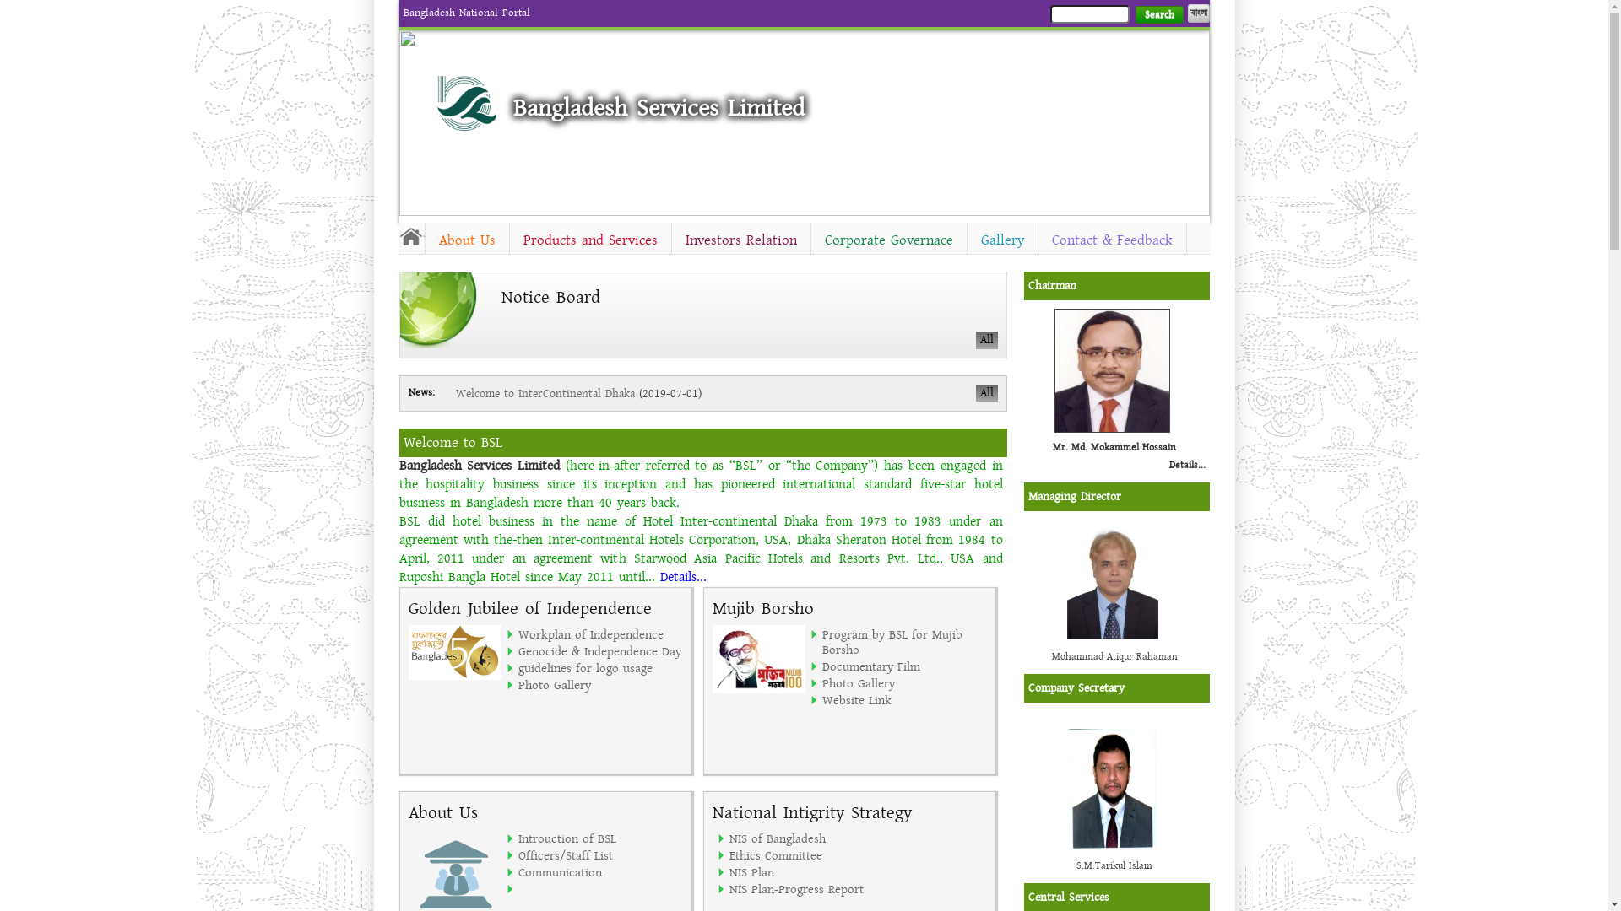 The width and height of the screenshot is (1621, 911). What do you see at coordinates (1185, 465) in the screenshot?
I see `'Details...'` at bounding box center [1185, 465].